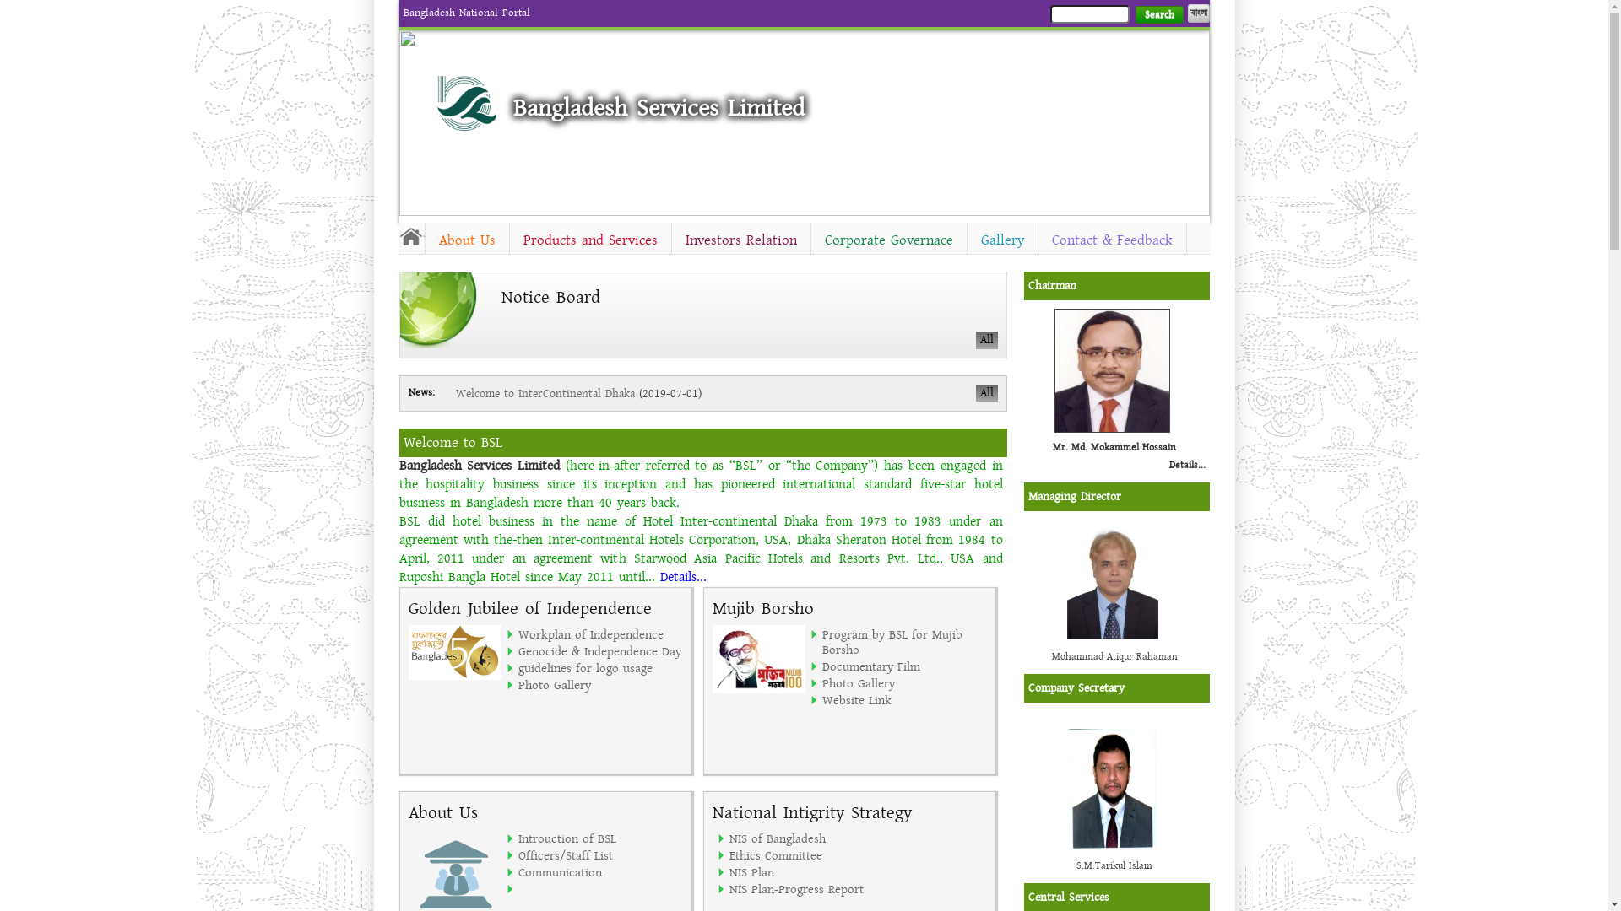 The width and height of the screenshot is (1621, 911). What do you see at coordinates (1185, 465) in the screenshot?
I see `'Details...'` at bounding box center [1185, 465].